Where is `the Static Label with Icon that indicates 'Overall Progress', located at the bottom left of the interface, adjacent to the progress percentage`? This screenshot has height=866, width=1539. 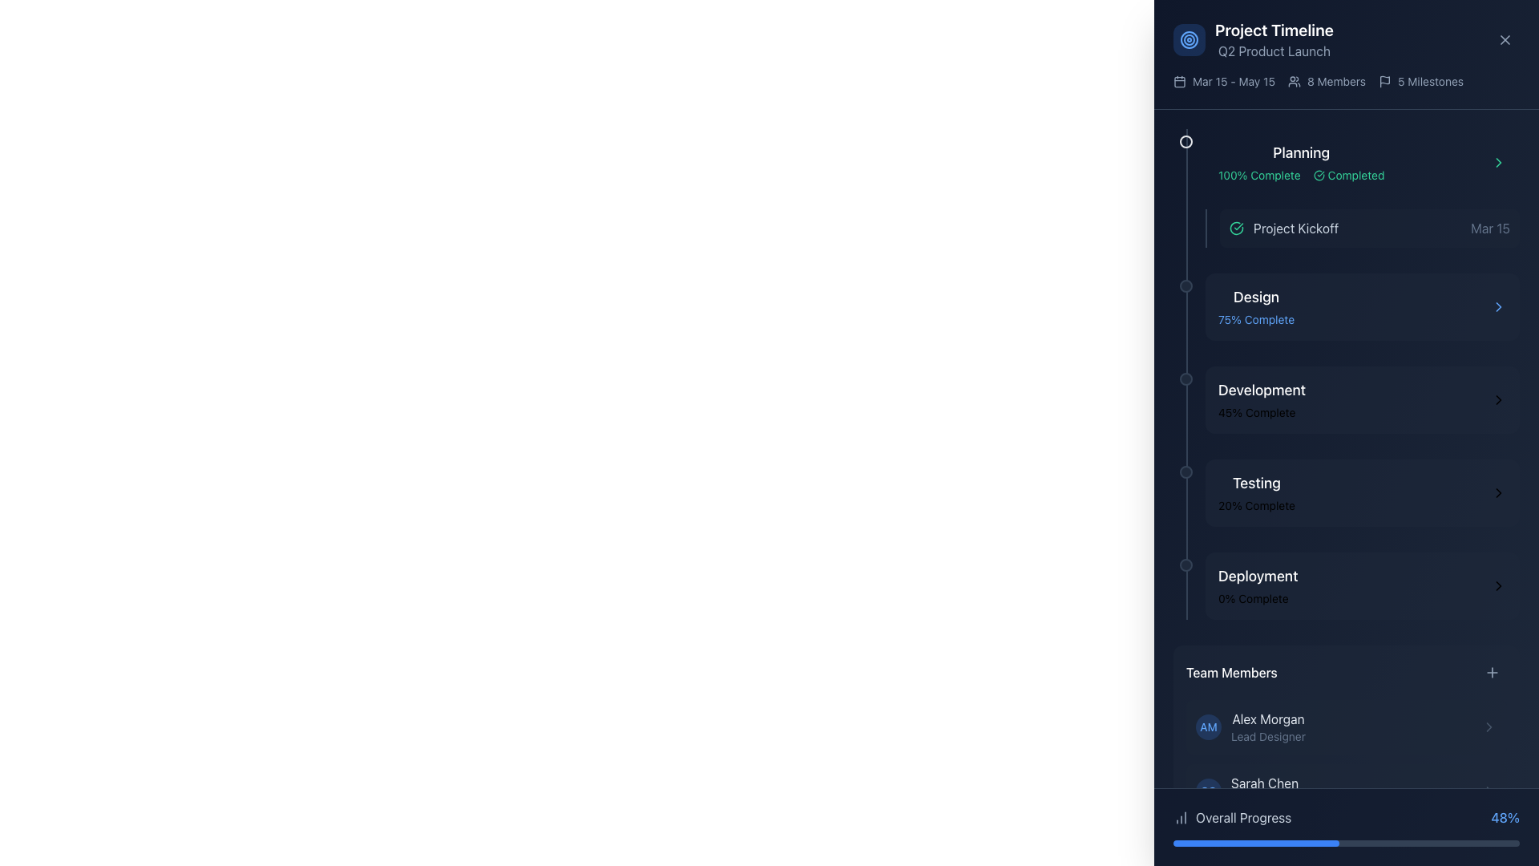 the Static Label with Icon that indicates 'Overall Progress', located at the bottom left of the interface, adjacent to the progress percentage is located at coordinates (1231, 817).